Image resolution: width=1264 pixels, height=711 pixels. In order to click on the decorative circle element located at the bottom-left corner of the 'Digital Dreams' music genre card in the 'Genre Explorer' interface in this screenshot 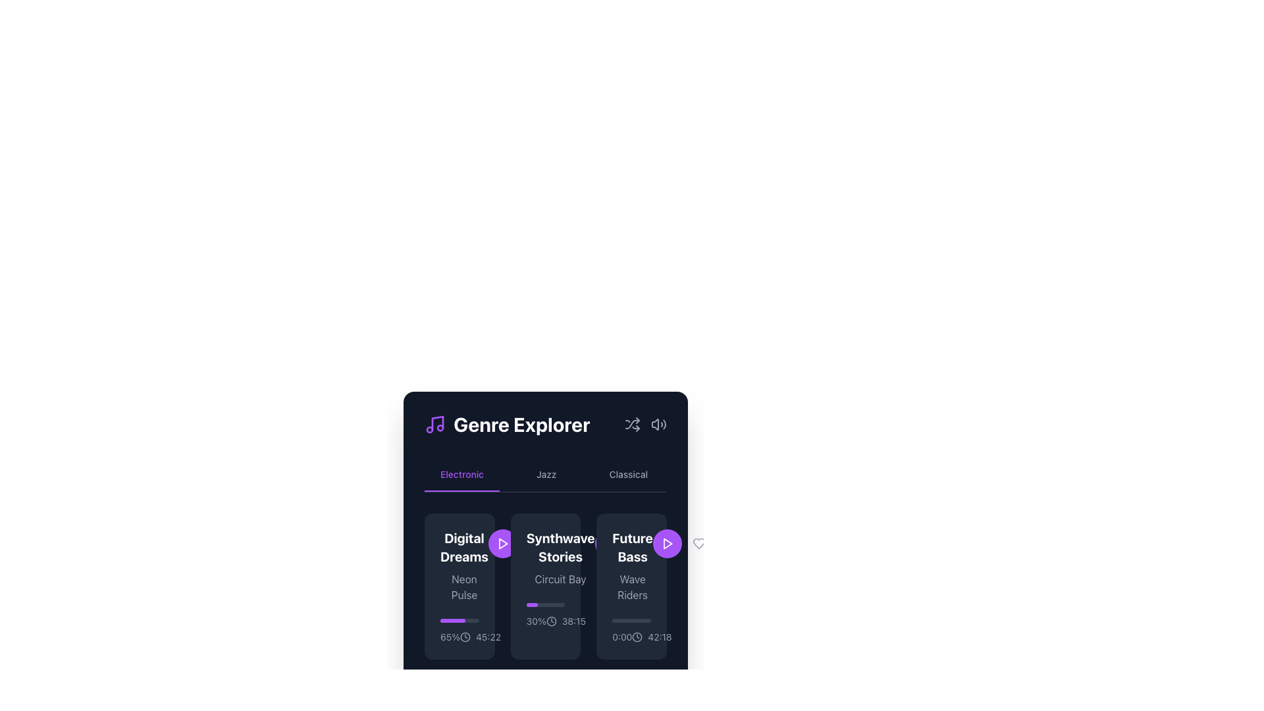, I will do `click(465, 637)`.